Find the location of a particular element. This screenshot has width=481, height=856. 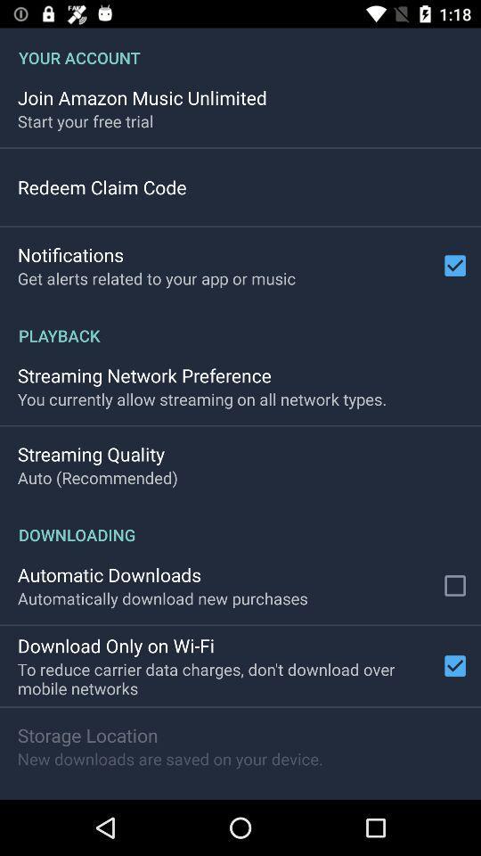

the icon below the join amazon music app is located at coordinates (85, 120).